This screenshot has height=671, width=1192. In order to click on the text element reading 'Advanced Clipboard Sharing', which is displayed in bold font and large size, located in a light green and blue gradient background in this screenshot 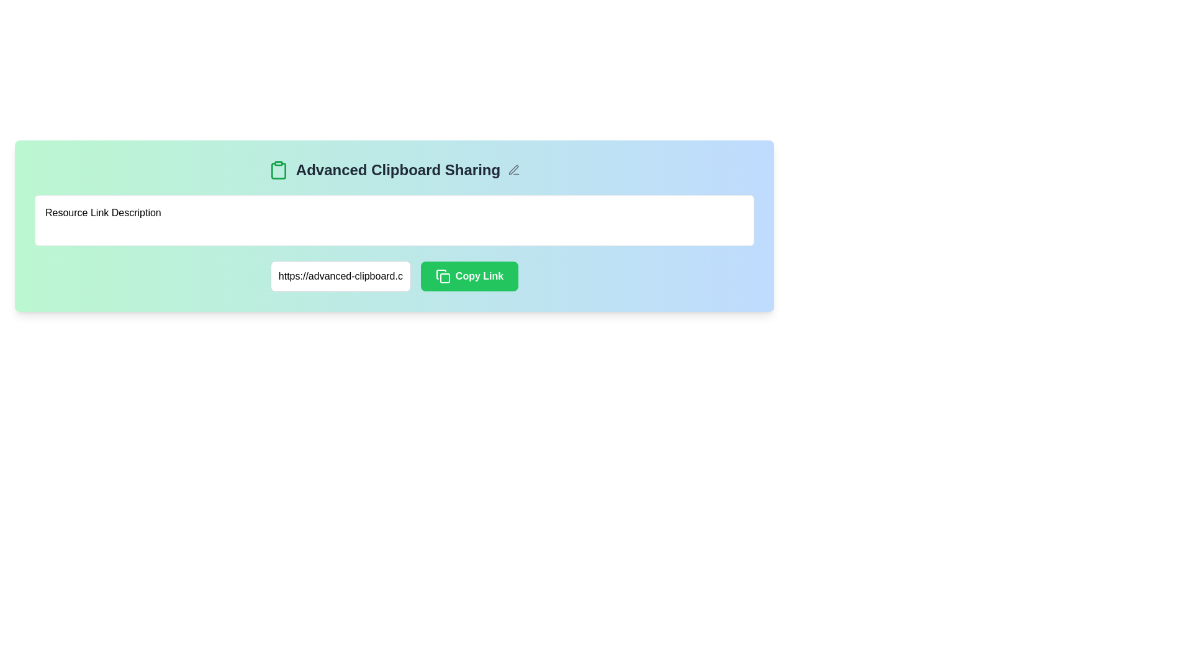, I will do `click(398, 170)`.